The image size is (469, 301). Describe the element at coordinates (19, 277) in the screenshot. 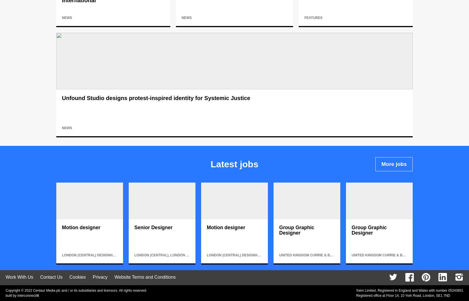

I see `'Work With Us'` at that location.